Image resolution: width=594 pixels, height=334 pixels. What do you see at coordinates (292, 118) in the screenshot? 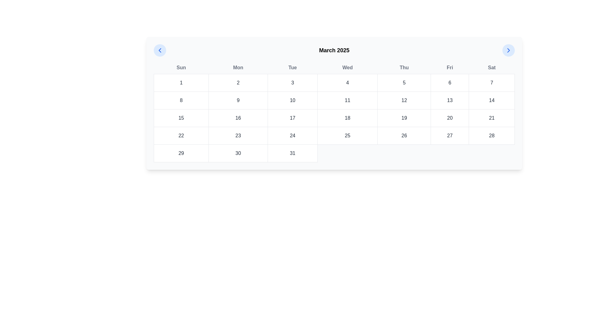
I see `the clickable calendar date box displaying '17'` at bounding box center [292, 118].